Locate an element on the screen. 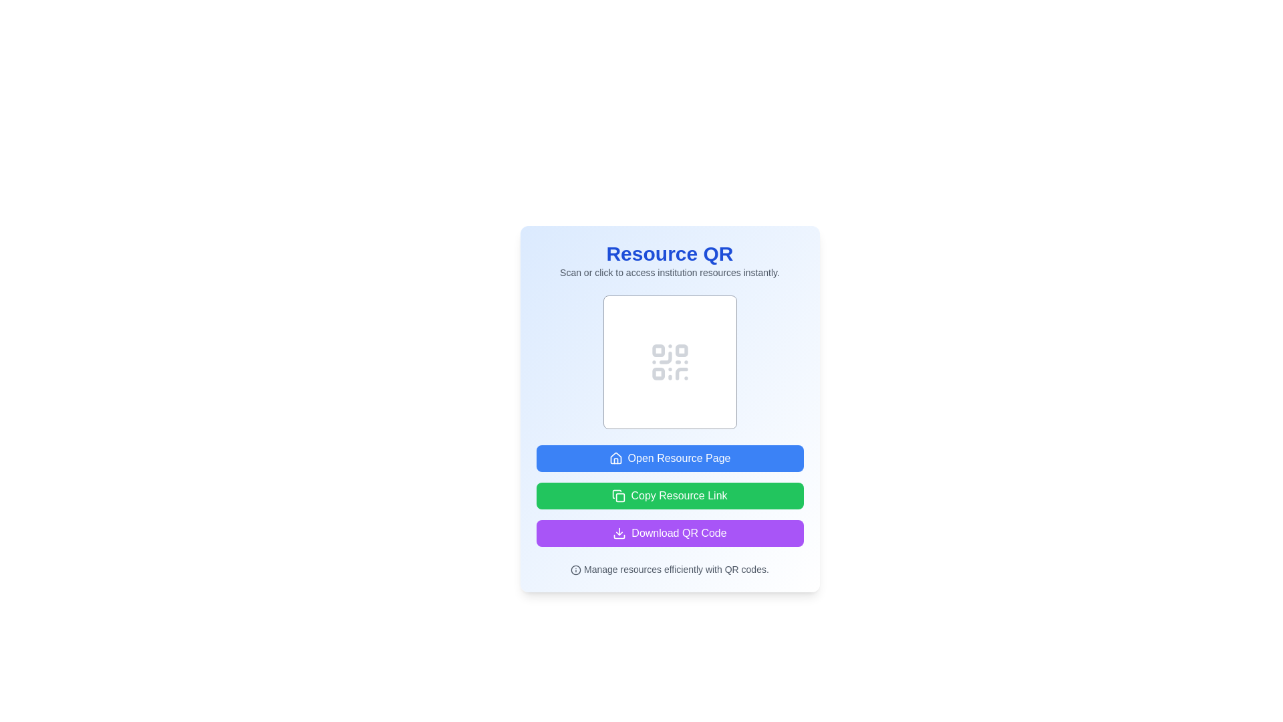 This screenshot has height=722, width=1283. text content of the 'Download QR Code' text label, which is styled in white on a purple background and is part of a button beneath the 'Copy Resource Link' button is located at coordinates (679, 533).